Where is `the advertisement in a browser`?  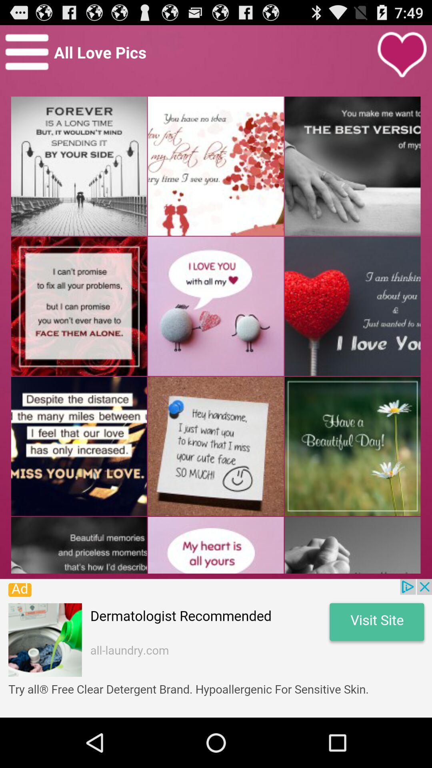 the advertisement in a browser is located at coordinates (216, 648).